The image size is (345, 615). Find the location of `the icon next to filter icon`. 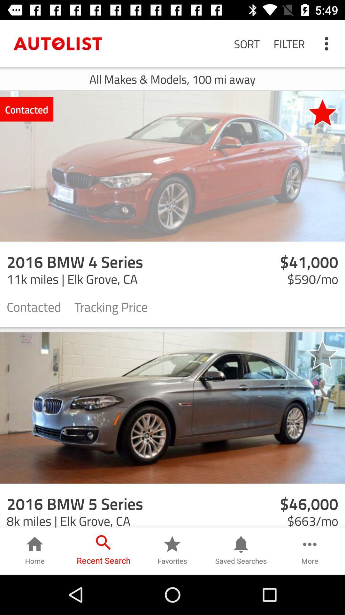

the icon next to filter icon is located at coordinates (328, 43).